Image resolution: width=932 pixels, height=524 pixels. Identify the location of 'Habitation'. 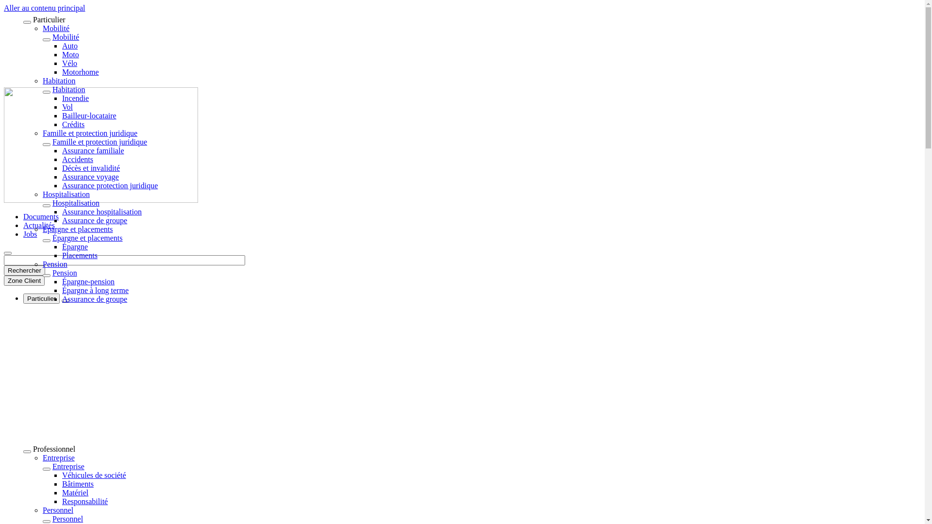
(58, 80).